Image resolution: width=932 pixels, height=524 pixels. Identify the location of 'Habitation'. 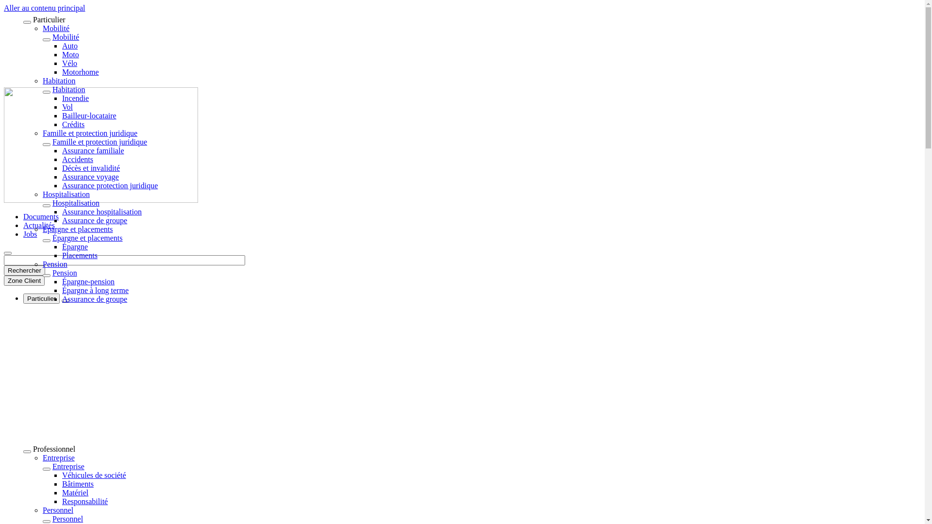
(58, 80).